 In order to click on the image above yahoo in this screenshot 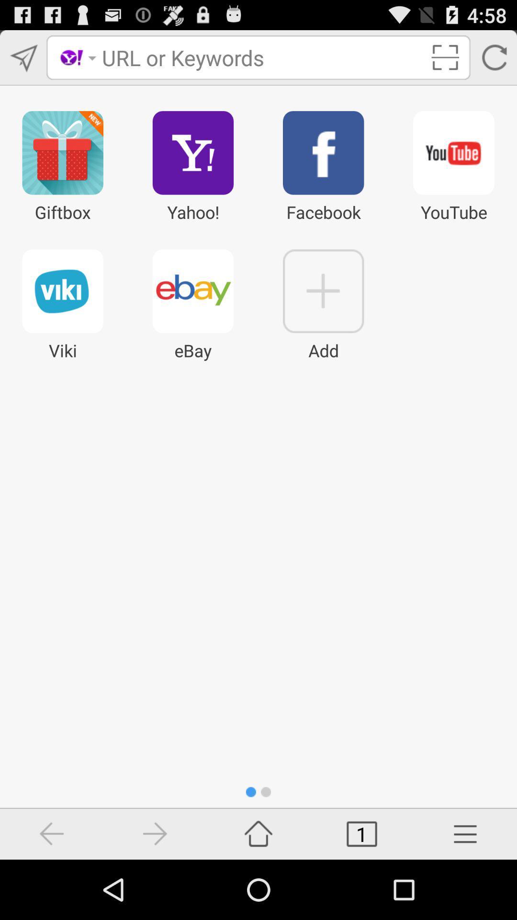, I will do `click(193, 152)`.